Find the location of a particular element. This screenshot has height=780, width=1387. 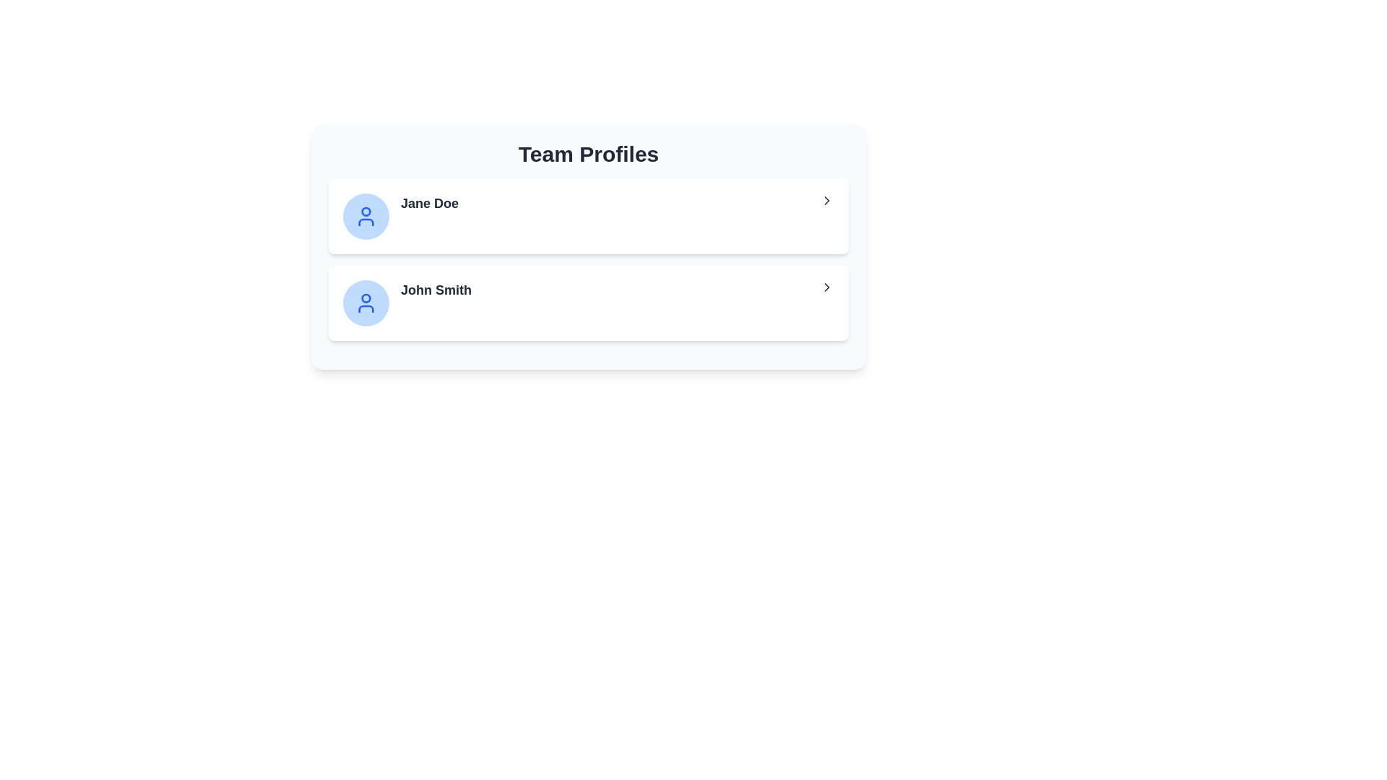

the right-pointing chevron icon in the first profile card of the 'Team Profiles' section, located adjacent to the name 'Jane Doe' is located at coordinates (827, 200).